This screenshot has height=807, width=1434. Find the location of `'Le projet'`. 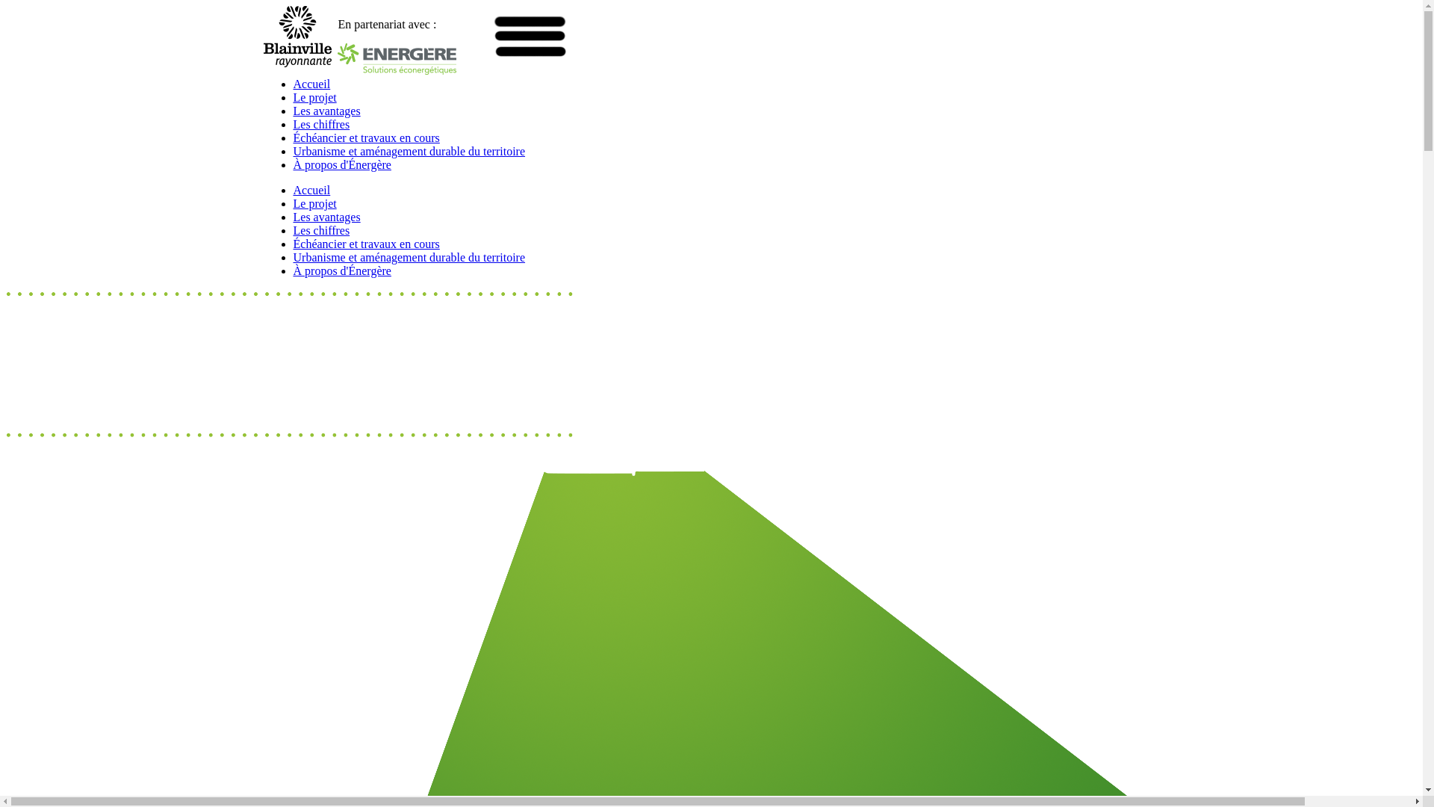

'Le projet' is located at coordinates (293, 203).